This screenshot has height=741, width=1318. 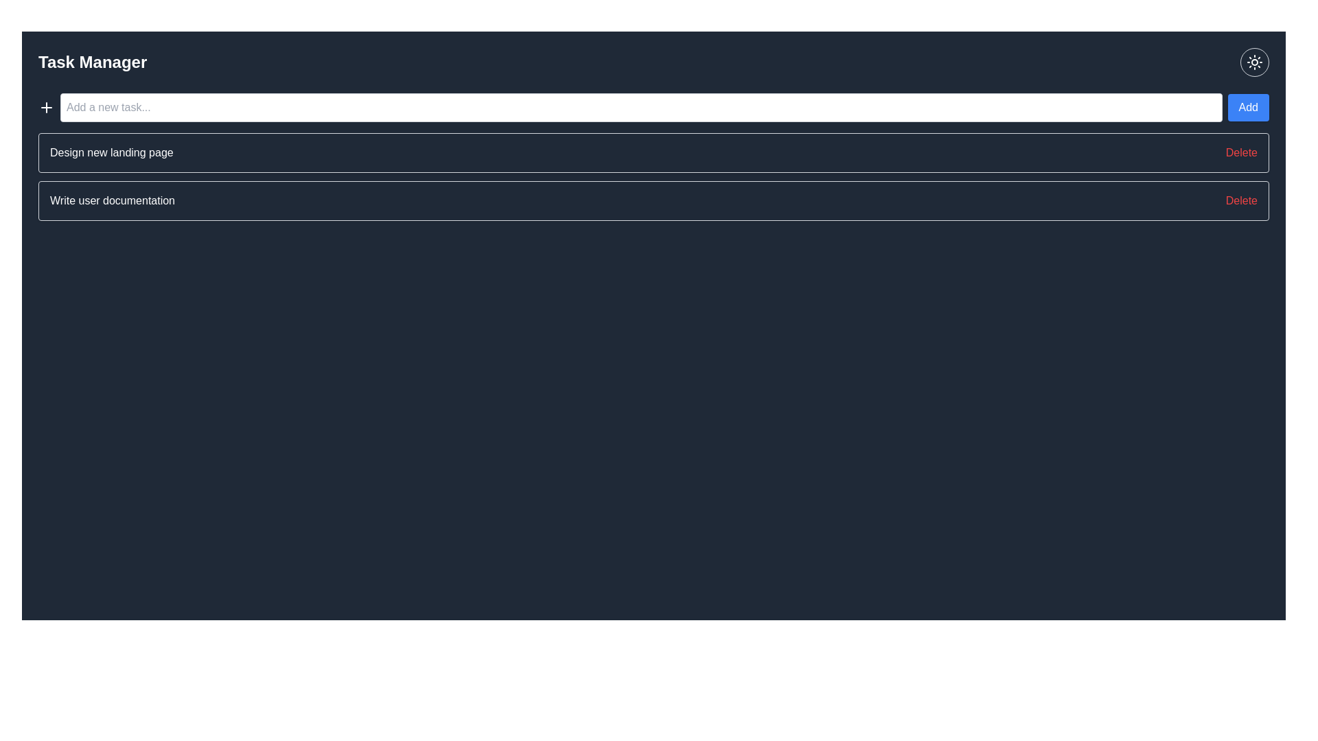 I want to click on the 'Delete' button, which is styled in red and located on the far right side of the task item row containing 'Write user documentation', so click(x=1241, y=201).